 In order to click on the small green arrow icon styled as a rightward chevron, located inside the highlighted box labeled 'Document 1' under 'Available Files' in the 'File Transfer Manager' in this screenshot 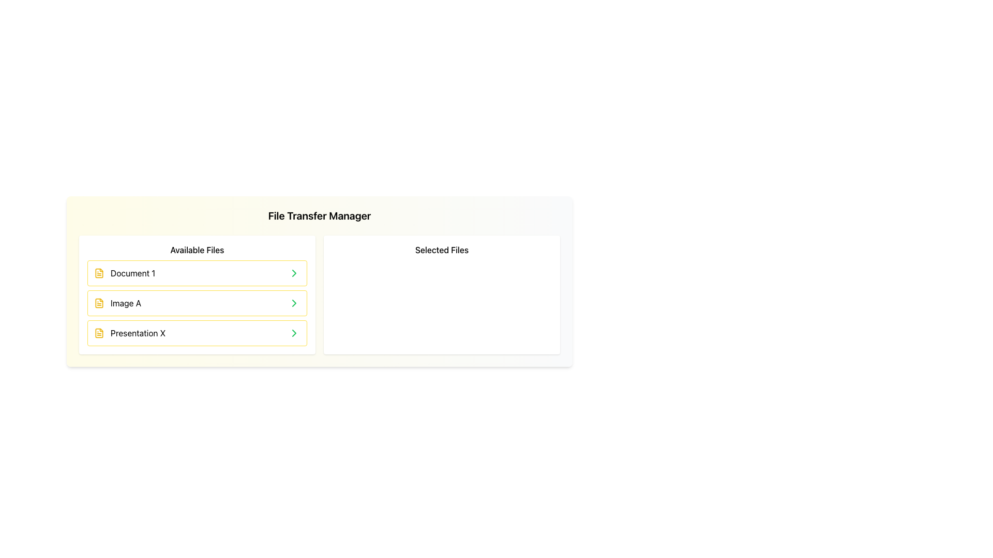, I will do `click(294, 272)`.